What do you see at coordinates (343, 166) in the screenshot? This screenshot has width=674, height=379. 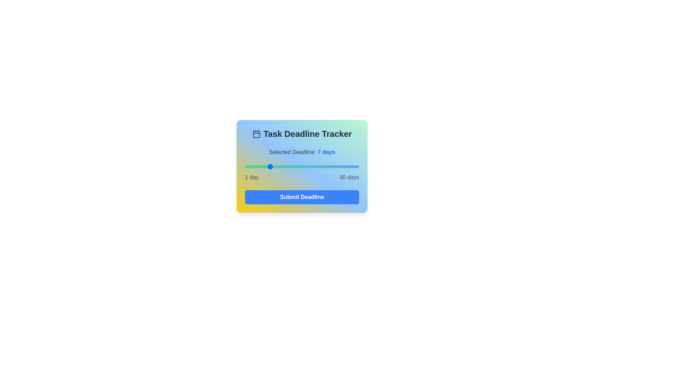 I see `the deadline to 26 days using the slider` at bounding box center [343, 166].